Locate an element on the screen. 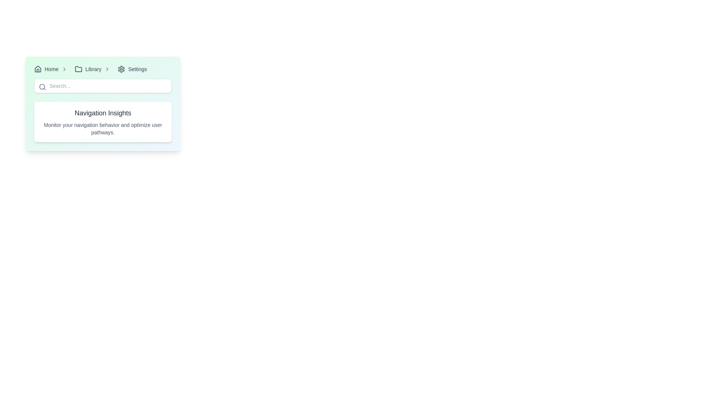  the 'Settings' text label, which is displayed in a small font size with medium weight, located in the top section of the user interface, adjacent to a gear icon is located at coordinates (137, 69).